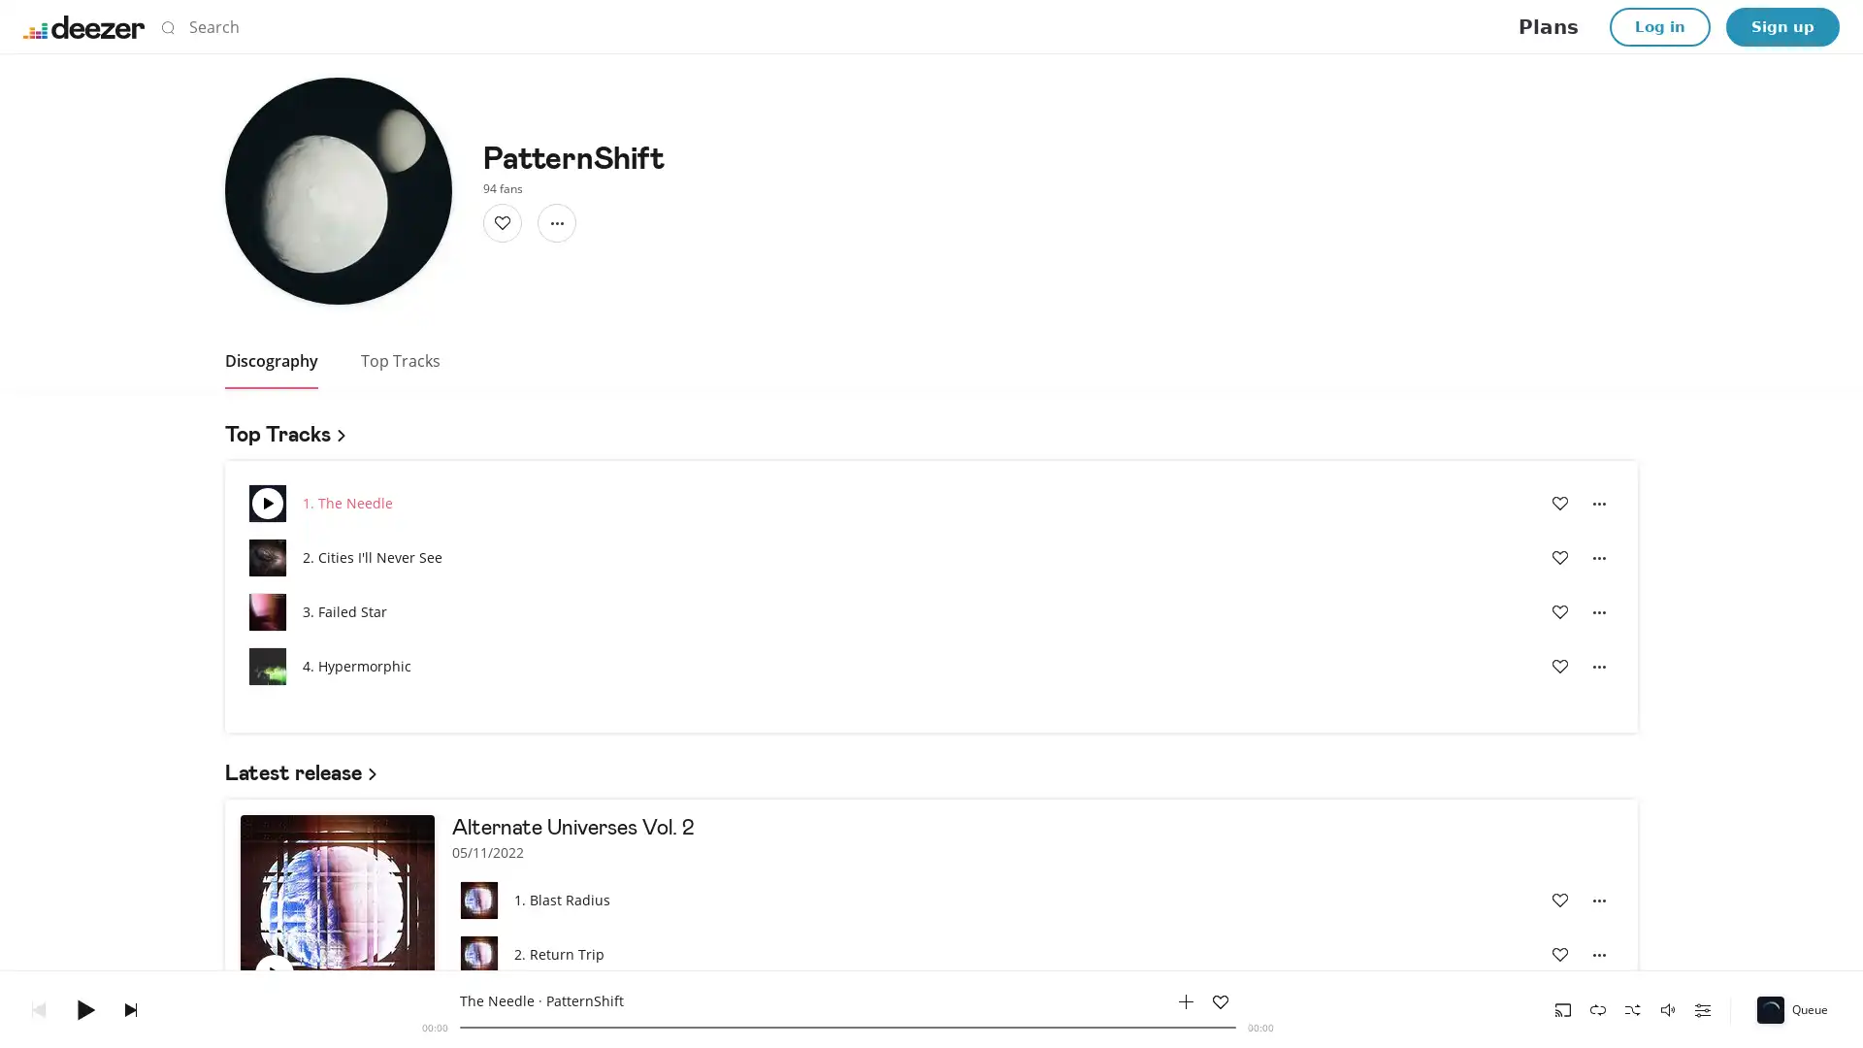 This screenshot has height=1048, width=1863. What do you see at coordinates (1793, 1008) in the screenshot?
I see `Queue` at bounding box center [1793, 1008].